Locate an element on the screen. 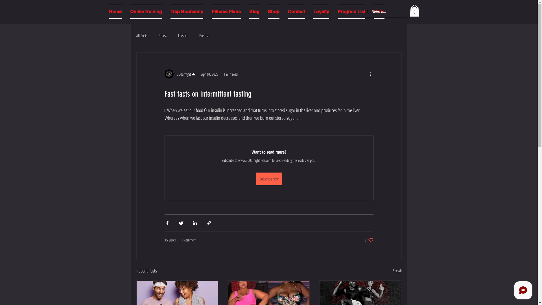  'Trap Bootcamp' is located at coordinates (187, 12).